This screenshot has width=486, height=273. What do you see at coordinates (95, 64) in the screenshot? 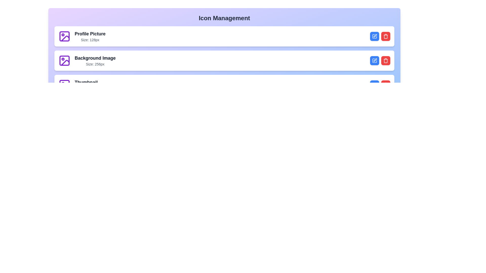
I see `the static descriptive text element that provides dimension size information for 'Background Image', located directly below the 'Background Image' heading` at bounding box center [95, 64].